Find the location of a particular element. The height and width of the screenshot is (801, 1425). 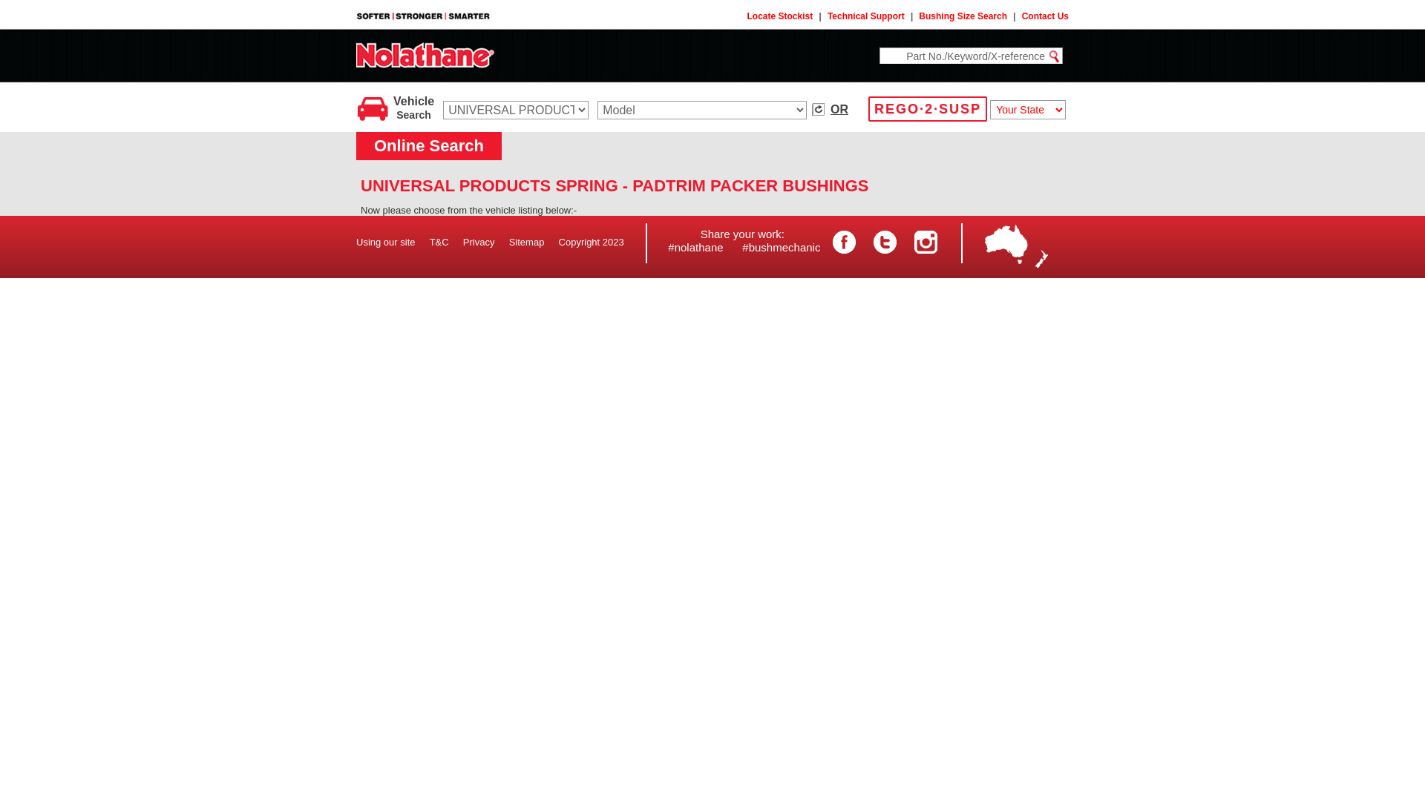

'Privacy' is located at coordinates (479, 241).